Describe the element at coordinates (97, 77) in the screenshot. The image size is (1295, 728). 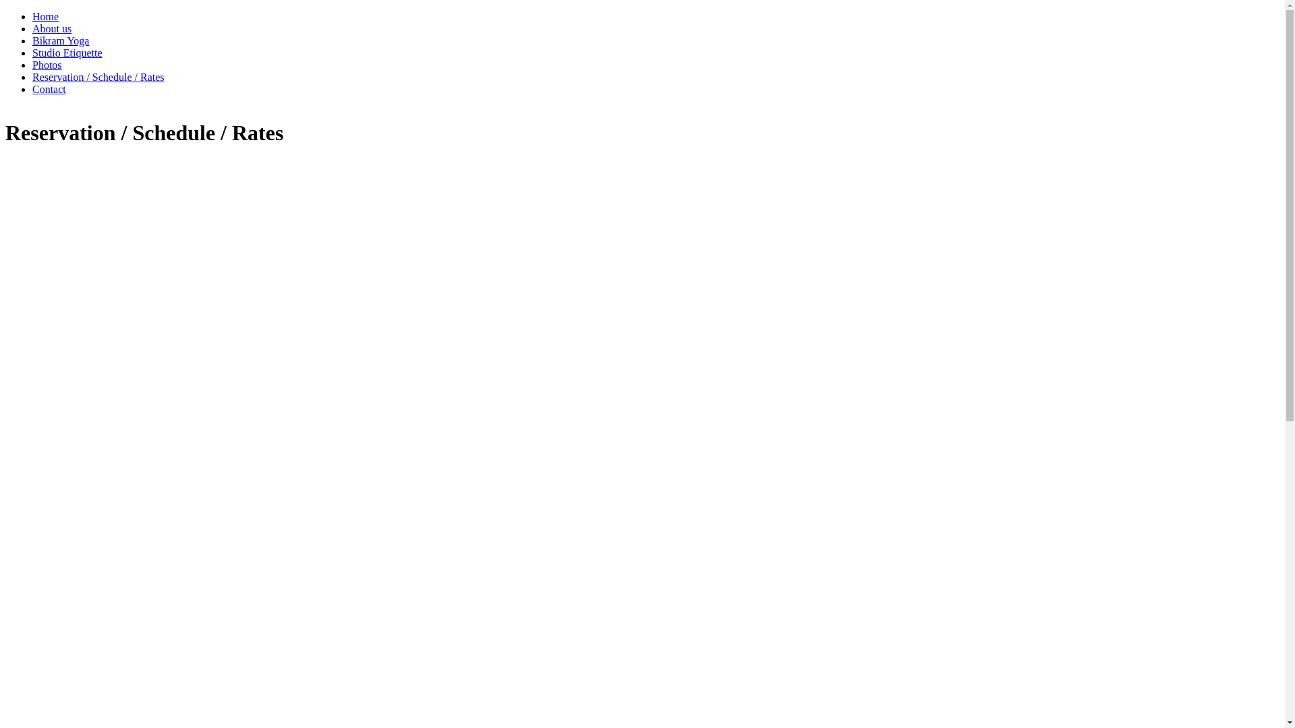
I see `'Reservation / Schedule / Rates'` at that location.